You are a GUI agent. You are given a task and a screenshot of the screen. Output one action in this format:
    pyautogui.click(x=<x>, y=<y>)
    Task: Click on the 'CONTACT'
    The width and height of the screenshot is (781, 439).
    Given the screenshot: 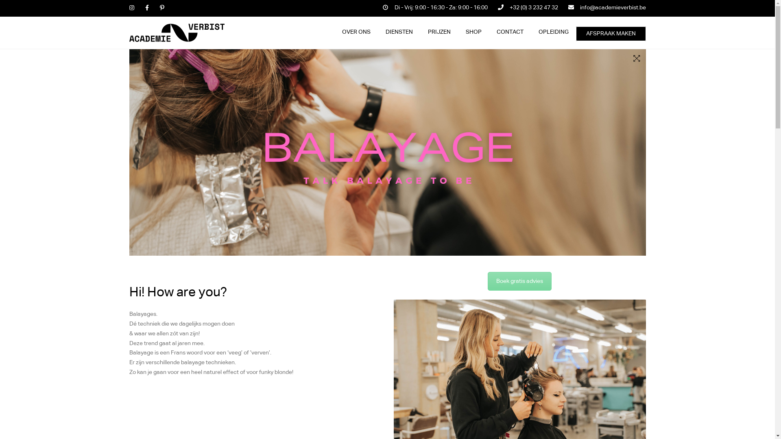 What is the action you would take?
    pyautogui.click(x=509, y=32)
    